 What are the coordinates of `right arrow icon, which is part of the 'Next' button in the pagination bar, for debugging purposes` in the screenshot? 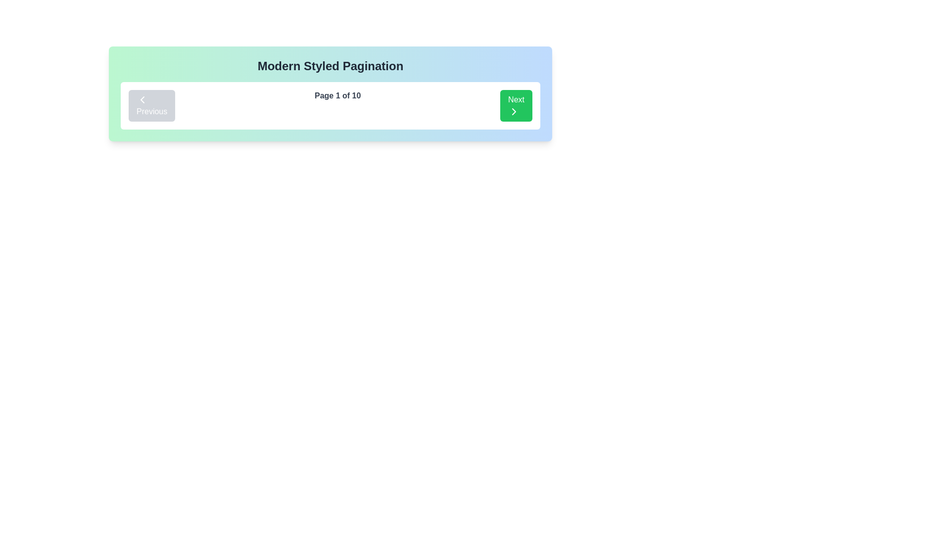 It's located at (514, 111).